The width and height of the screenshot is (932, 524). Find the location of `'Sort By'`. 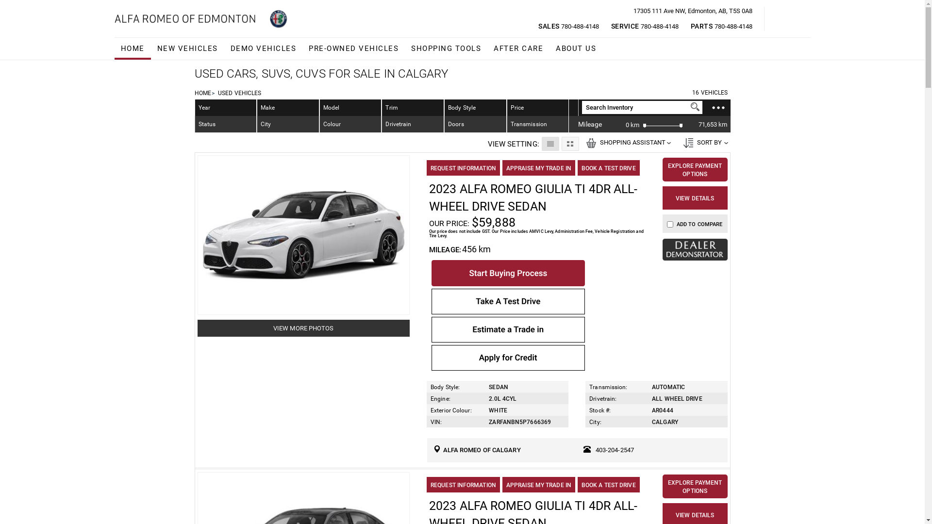

'Sort By' is located at coordinates (682, 143).